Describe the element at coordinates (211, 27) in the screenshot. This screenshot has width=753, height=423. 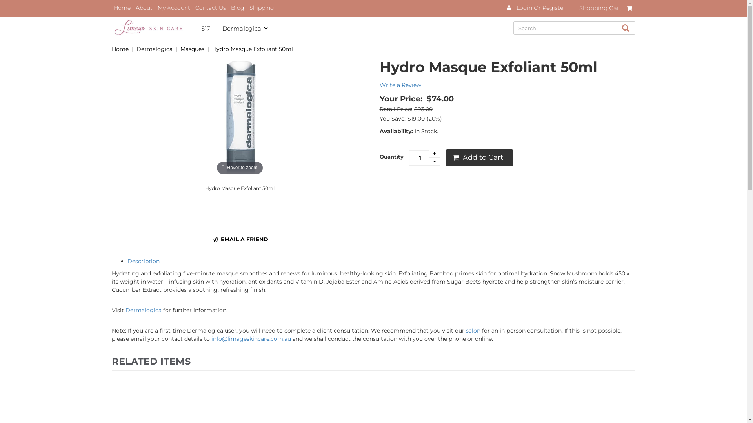
I see `'S17'` at that location.